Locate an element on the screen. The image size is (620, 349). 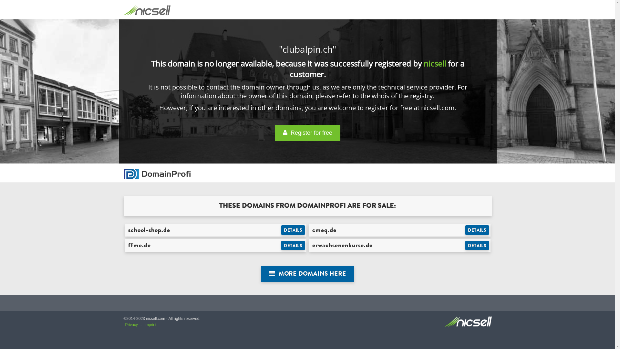
'nicsell' is located at coordinates (435, 63).